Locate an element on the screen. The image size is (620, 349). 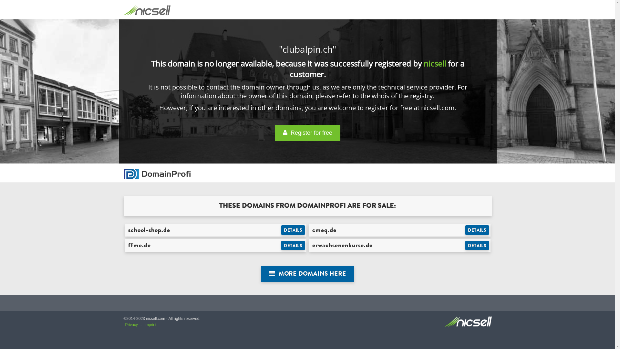
'nicsell' is located at coordinates (435, 63).